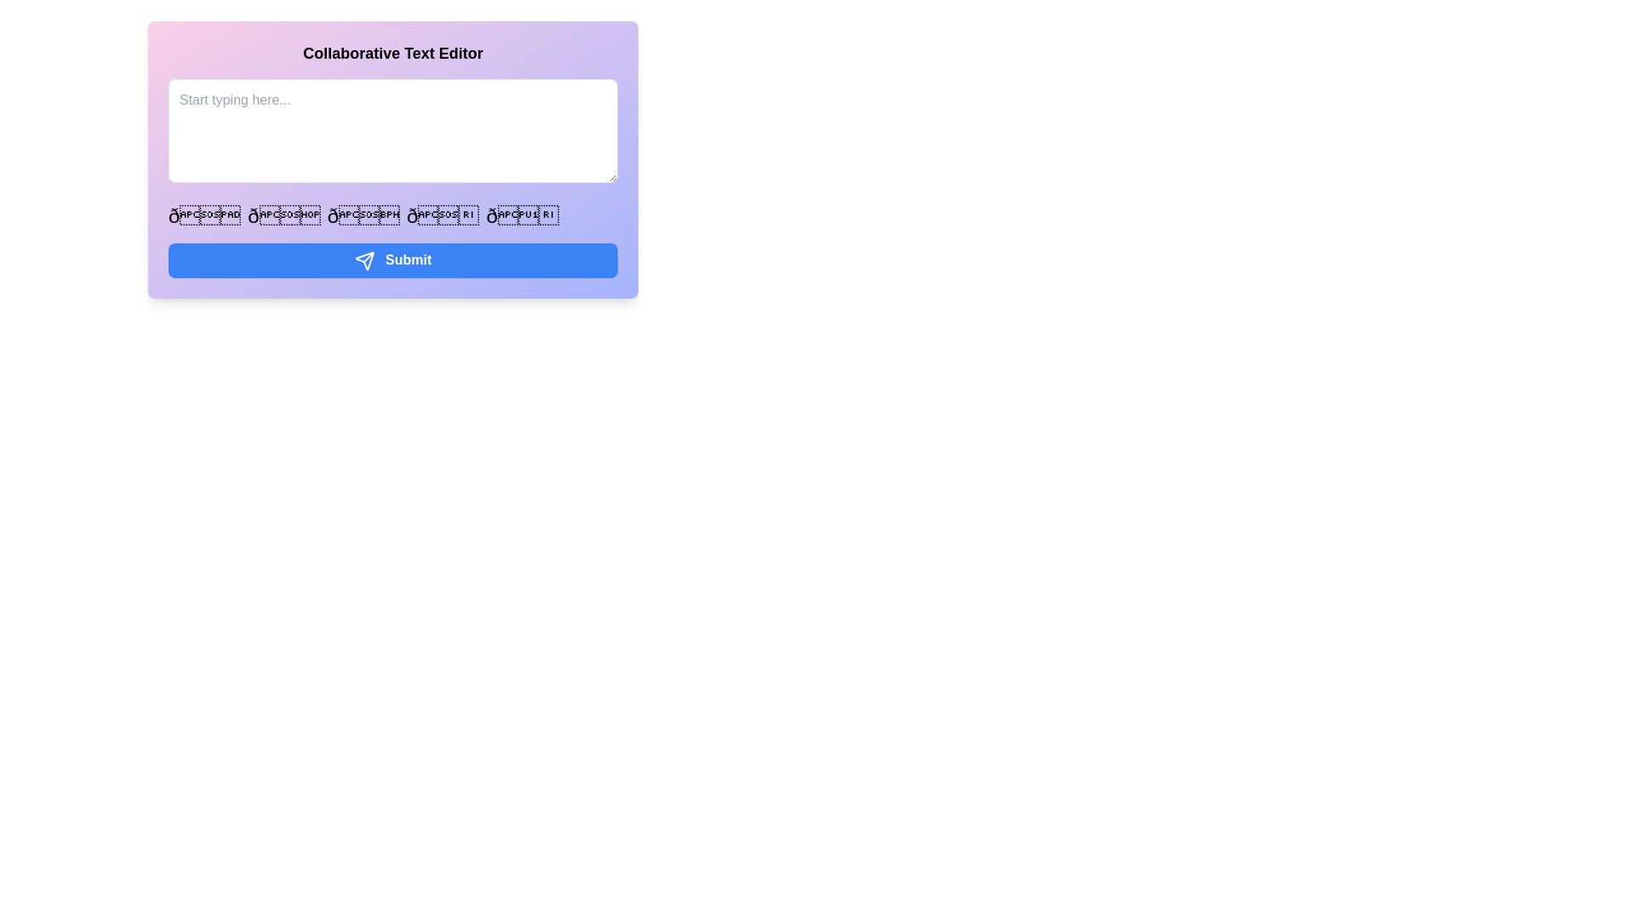  Describe the element at coordinates (522, 215) in the screenshot. I see `the last emoji-like character (thumbs-up symbol, 👍) in the horizontal sequence below the text input field in the 'Collaborative Text Editor' to interact with it` at that location.